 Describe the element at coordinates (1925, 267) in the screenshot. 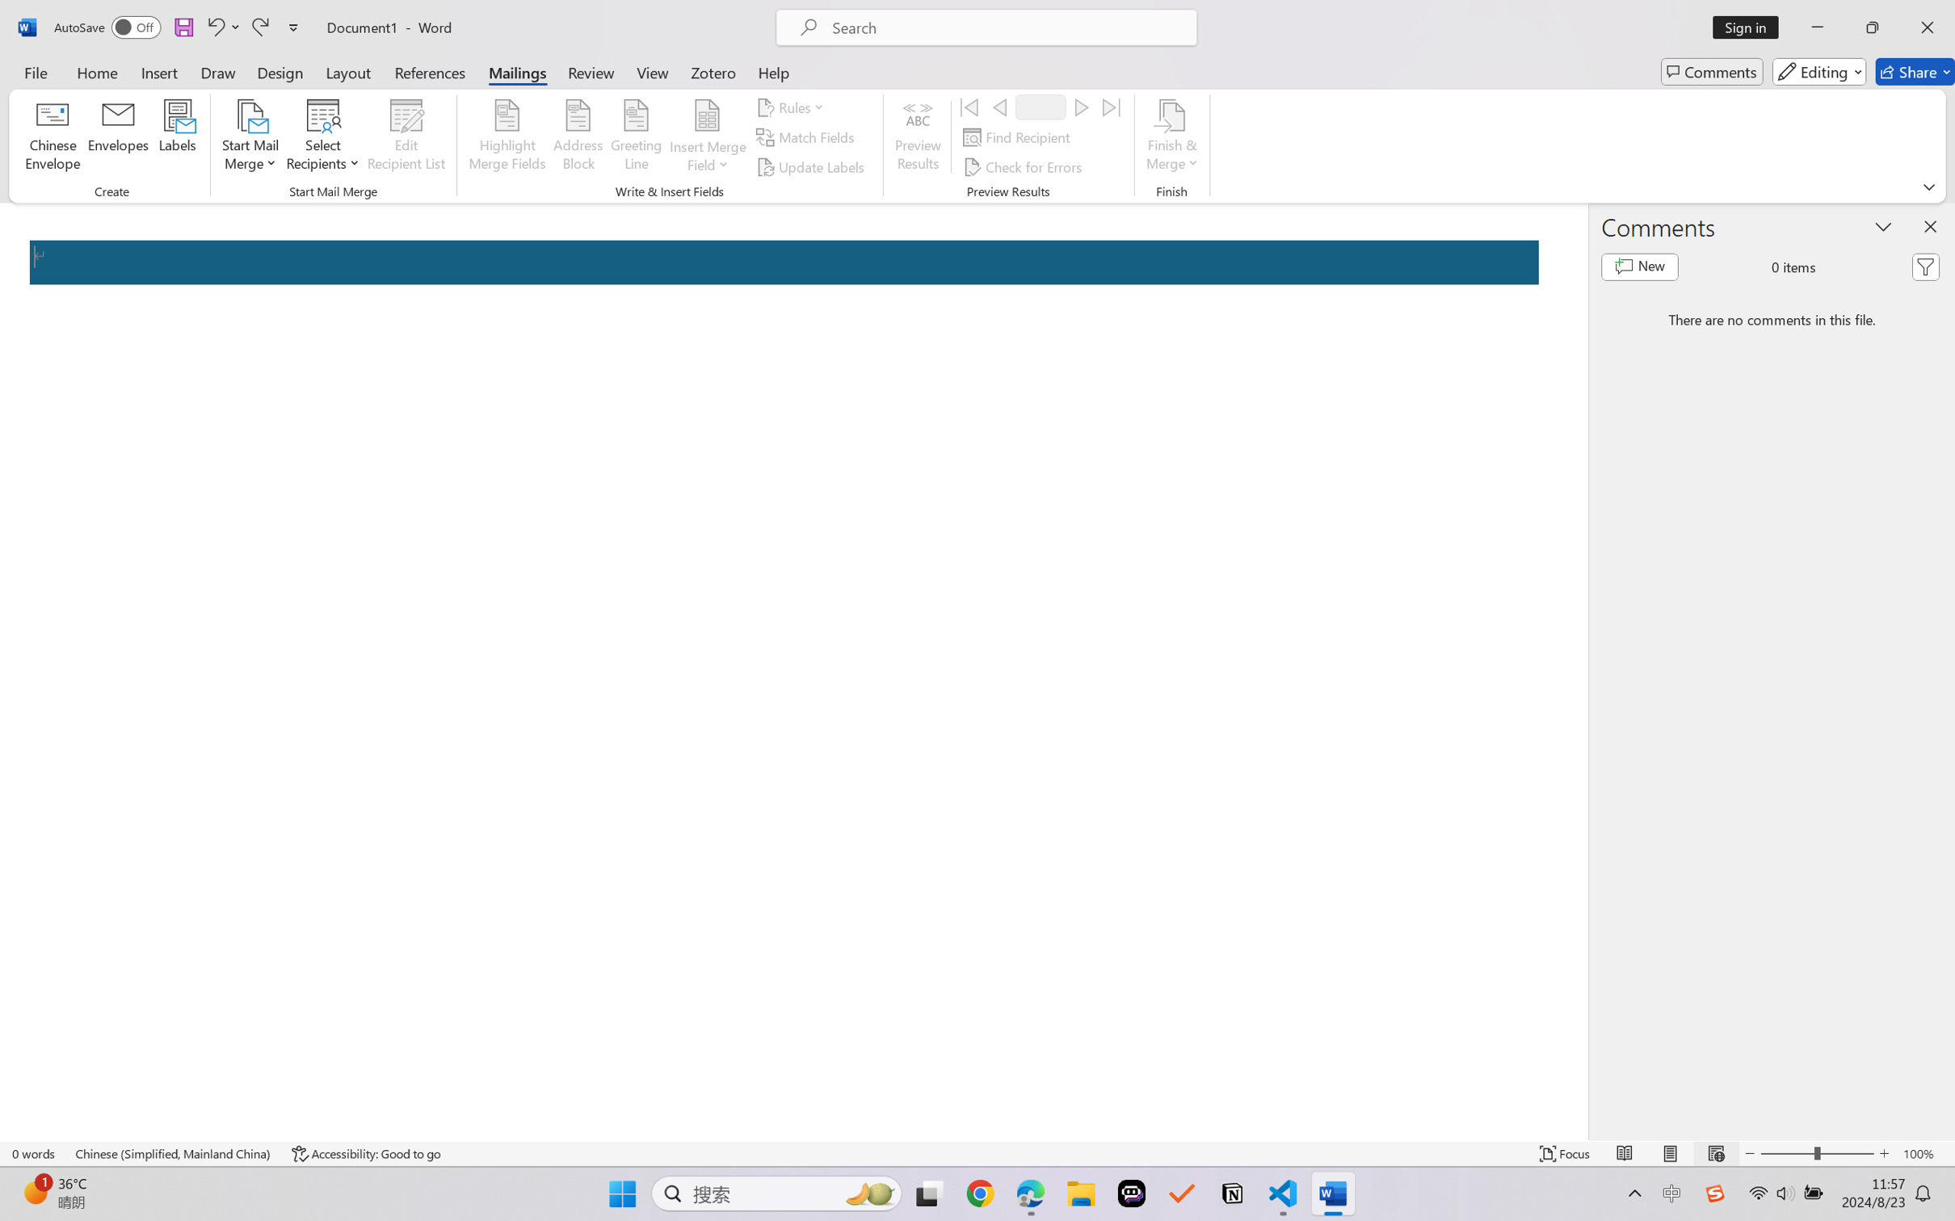

I see `'Filter'` at that location.